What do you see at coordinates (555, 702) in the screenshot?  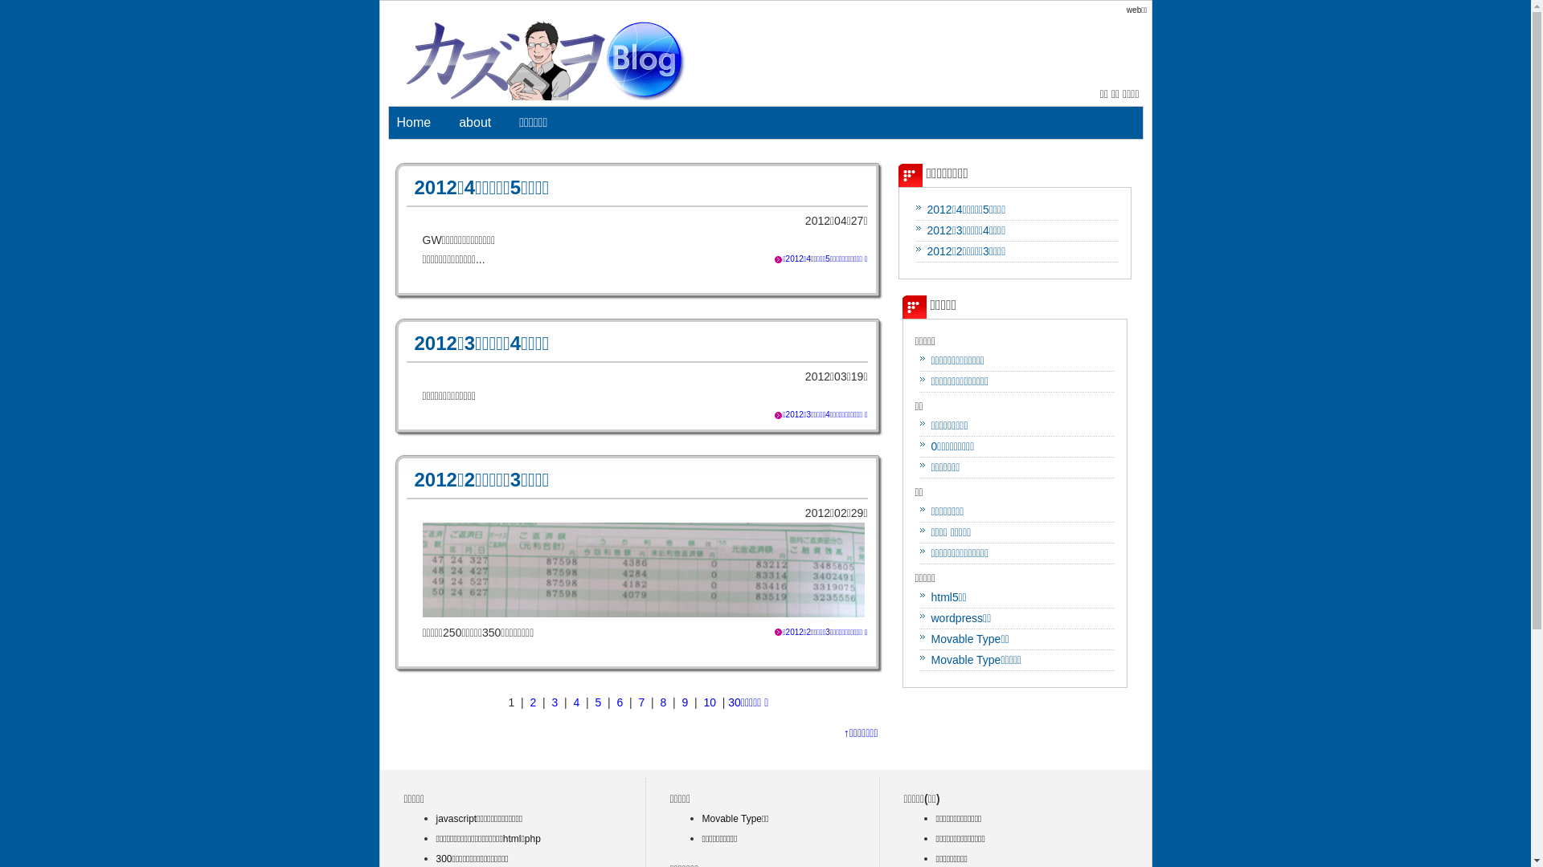 I see `' 3 '` at bounding box center [555, 702].